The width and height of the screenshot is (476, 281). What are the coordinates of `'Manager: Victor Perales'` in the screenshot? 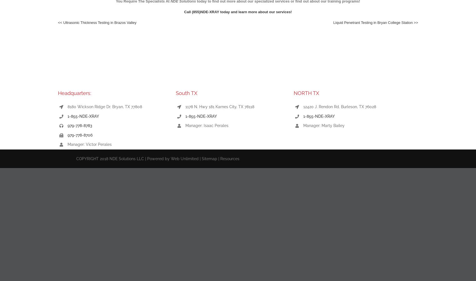 It's located at (89, 144).